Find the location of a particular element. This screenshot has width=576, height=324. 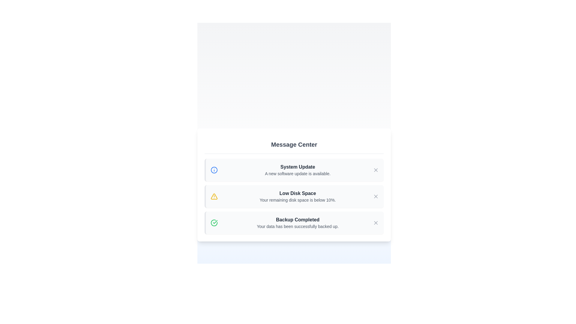

the circular blue informational icon located to the left of the 'System Update' heading in the Message Center notifications is located at coordinates (214, 170).